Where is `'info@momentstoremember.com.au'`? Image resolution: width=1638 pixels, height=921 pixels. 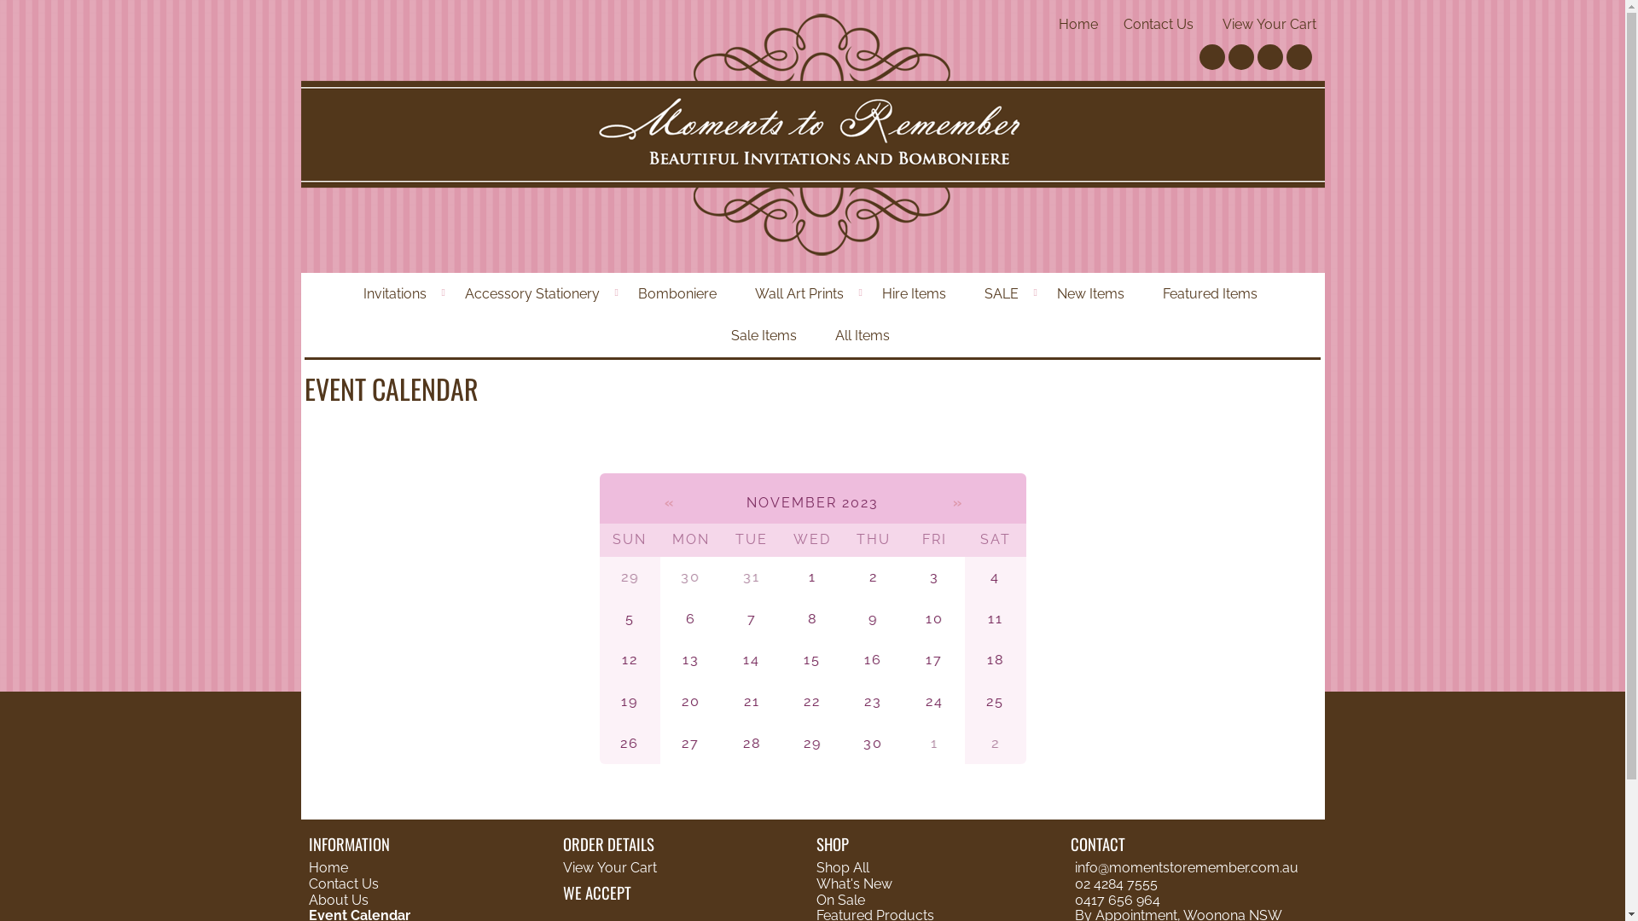 'info@momentstoremember.com.au' is located at coordinates (1186, 867).